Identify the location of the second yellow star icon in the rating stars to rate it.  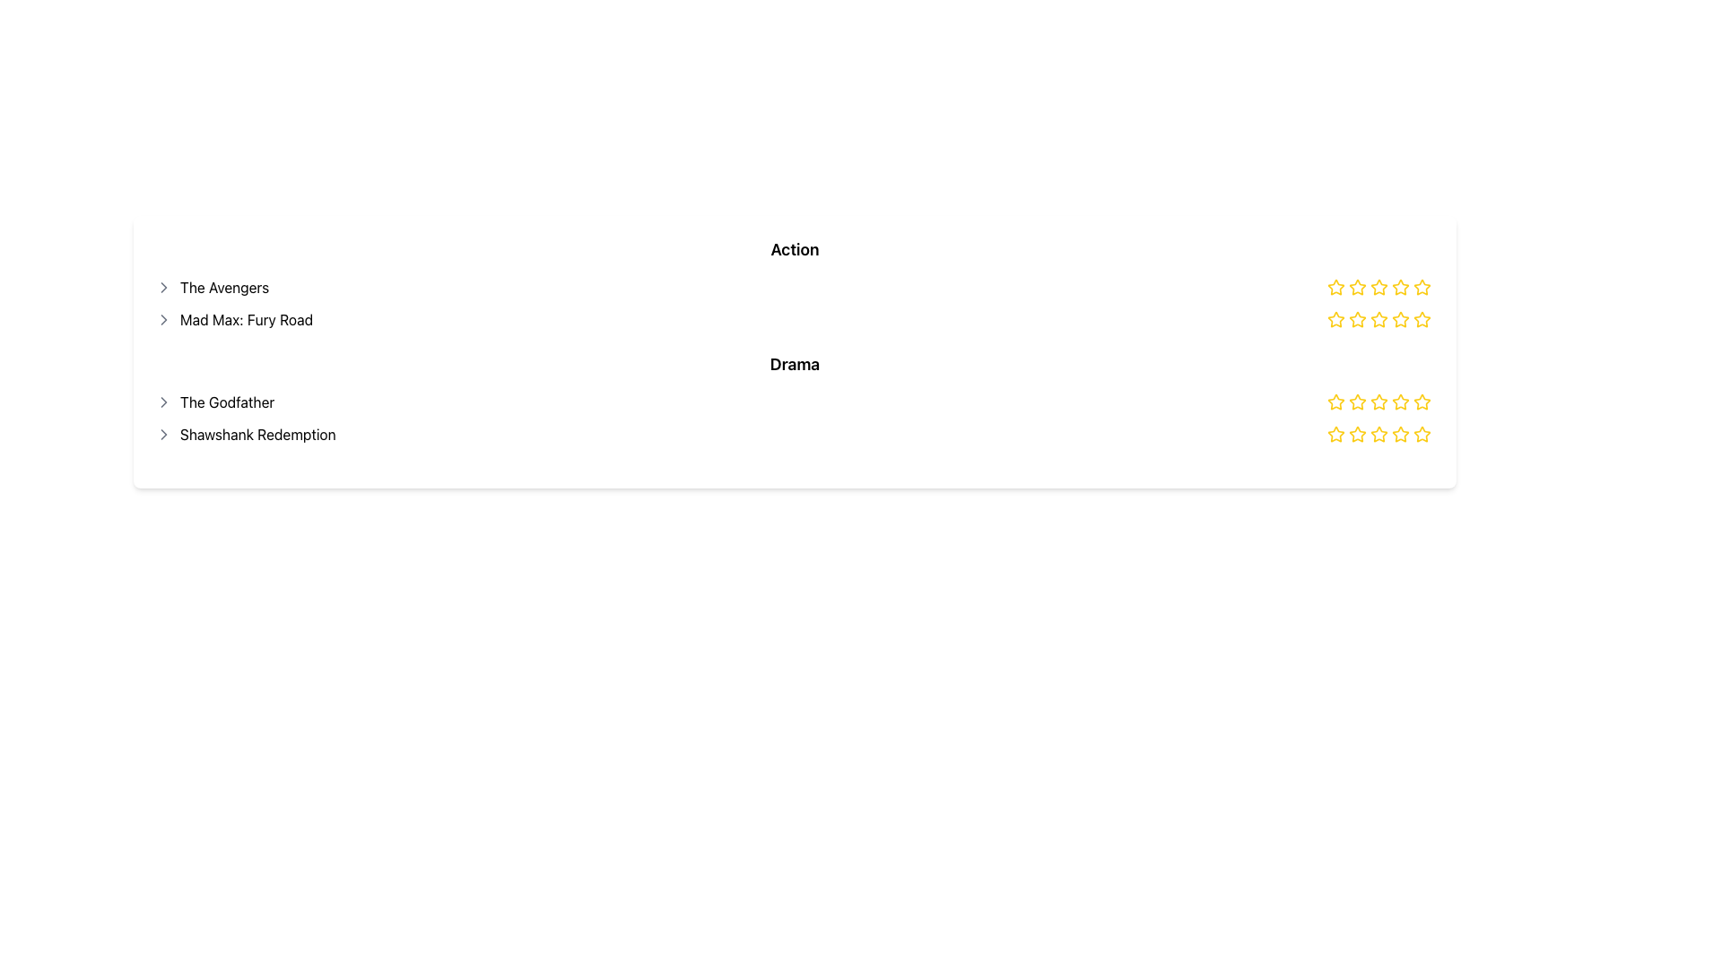
(1335, 319).